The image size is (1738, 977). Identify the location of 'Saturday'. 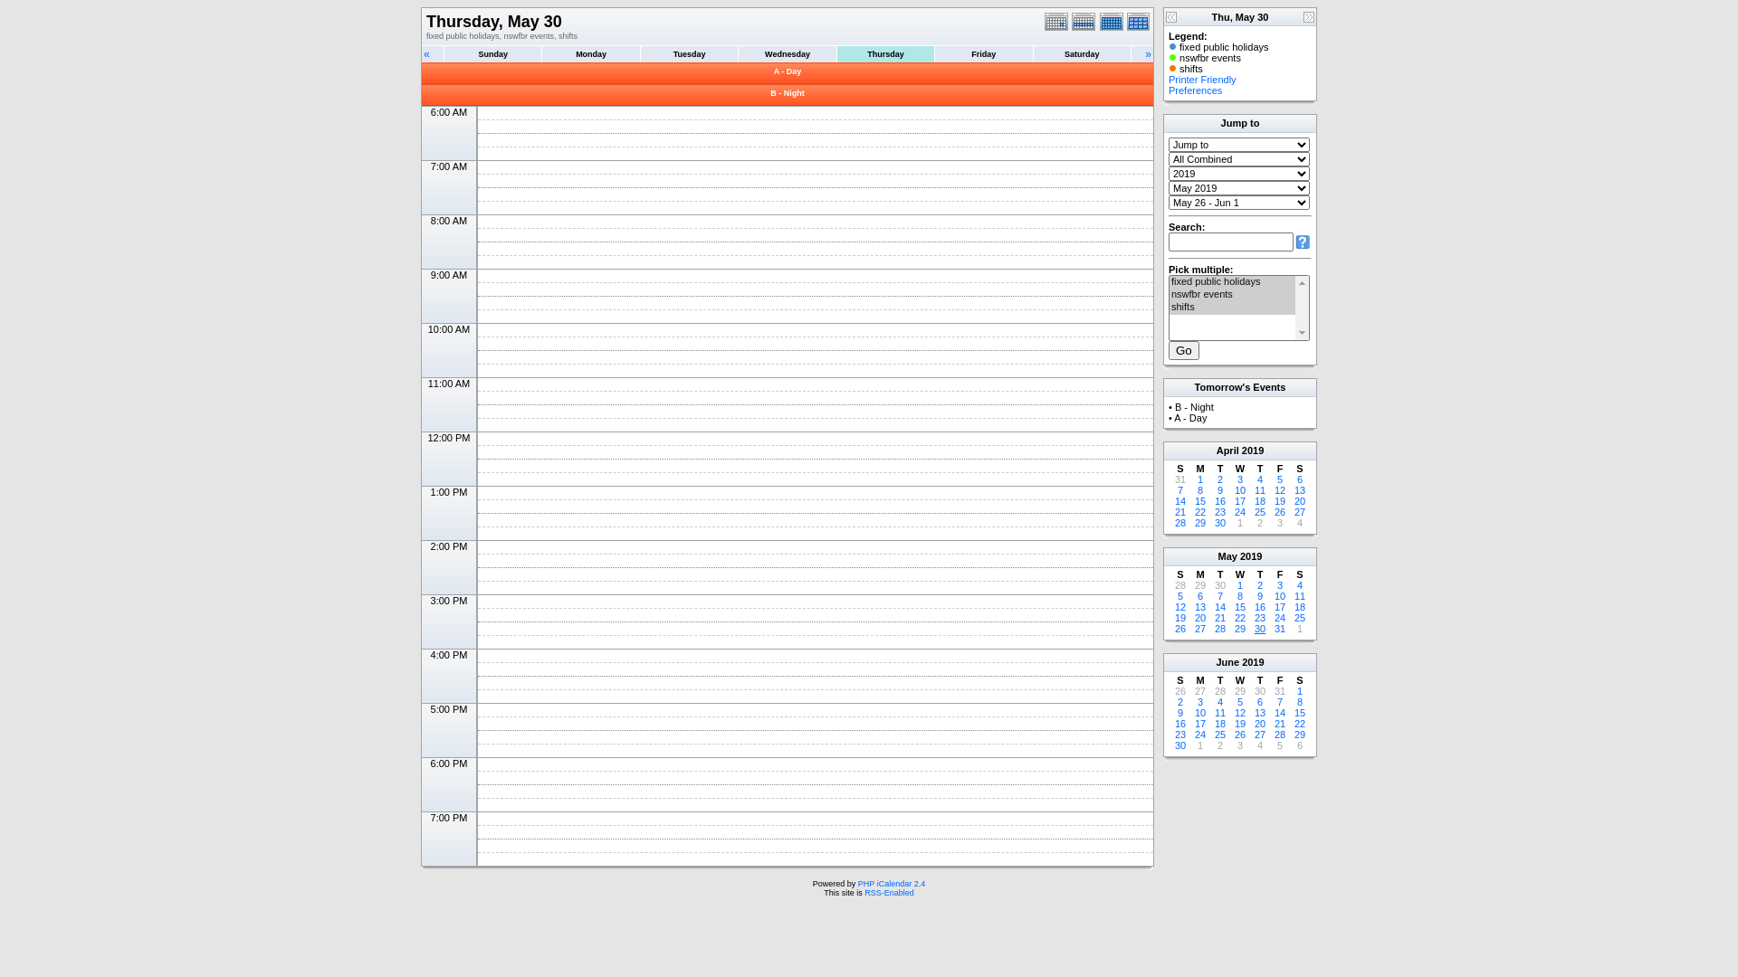
(1082, 53).